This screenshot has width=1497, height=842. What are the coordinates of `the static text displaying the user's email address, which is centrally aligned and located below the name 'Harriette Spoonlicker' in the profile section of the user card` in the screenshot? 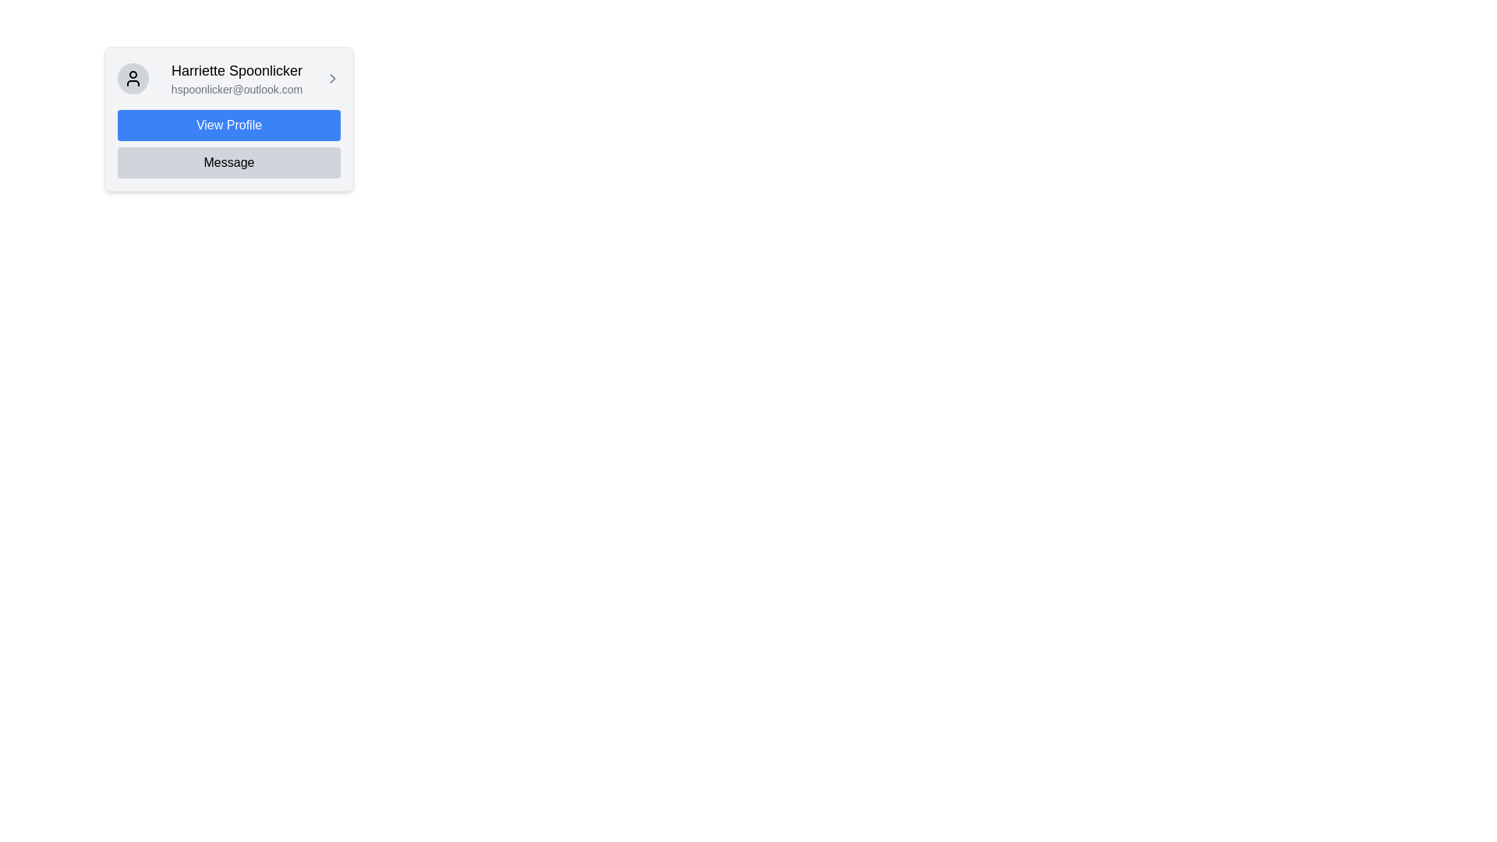 It's located at (235, 90).